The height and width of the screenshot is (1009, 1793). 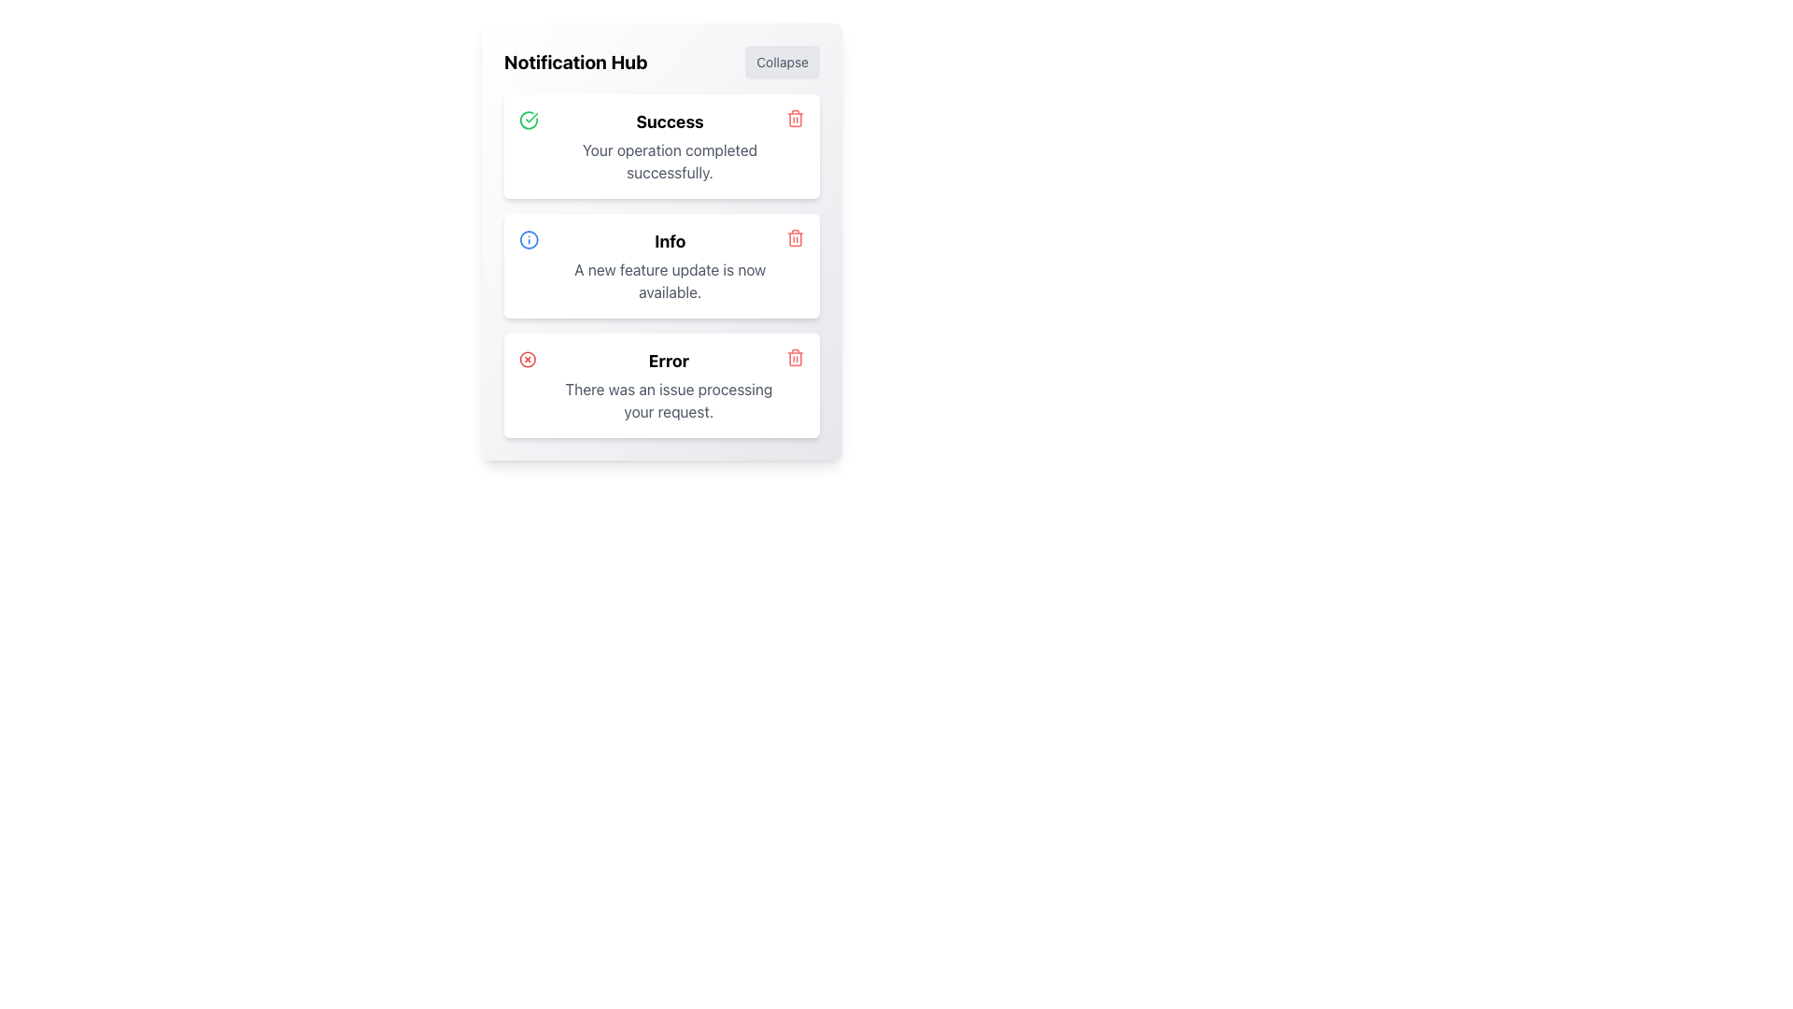 I want to click on the SVG circle graphic that represents the outline of the 'Info' icon within the notification hub, so click(x=528, y=239).